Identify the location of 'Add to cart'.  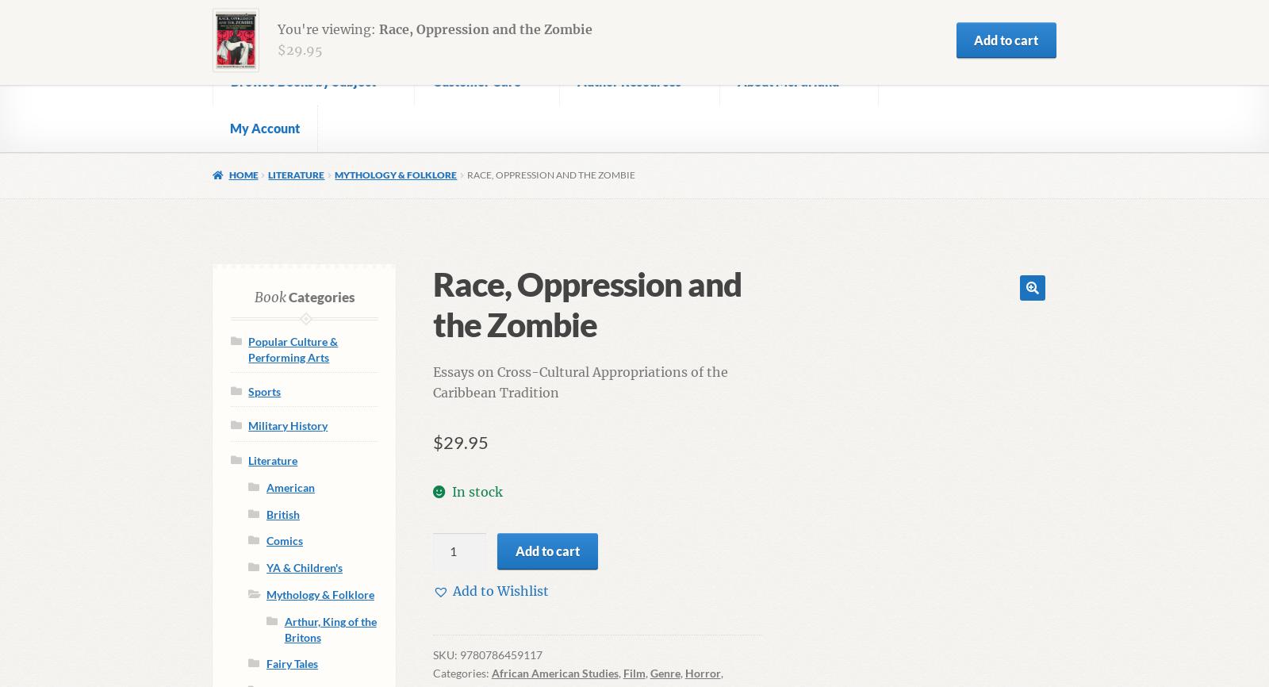
(546, 549).